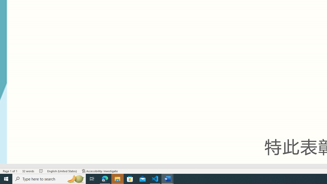  What do you see at coordinates (92, 178) in the screenshot?
I see `'Task View'` at bounding box center [92, 178].